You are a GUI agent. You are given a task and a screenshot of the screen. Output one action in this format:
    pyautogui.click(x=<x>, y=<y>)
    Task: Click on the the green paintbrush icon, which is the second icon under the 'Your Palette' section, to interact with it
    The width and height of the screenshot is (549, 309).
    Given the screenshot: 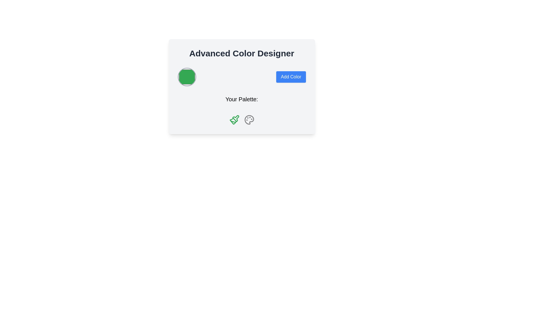 What is the action you would take?
    pyautogui.click(x=236, y=118)
    